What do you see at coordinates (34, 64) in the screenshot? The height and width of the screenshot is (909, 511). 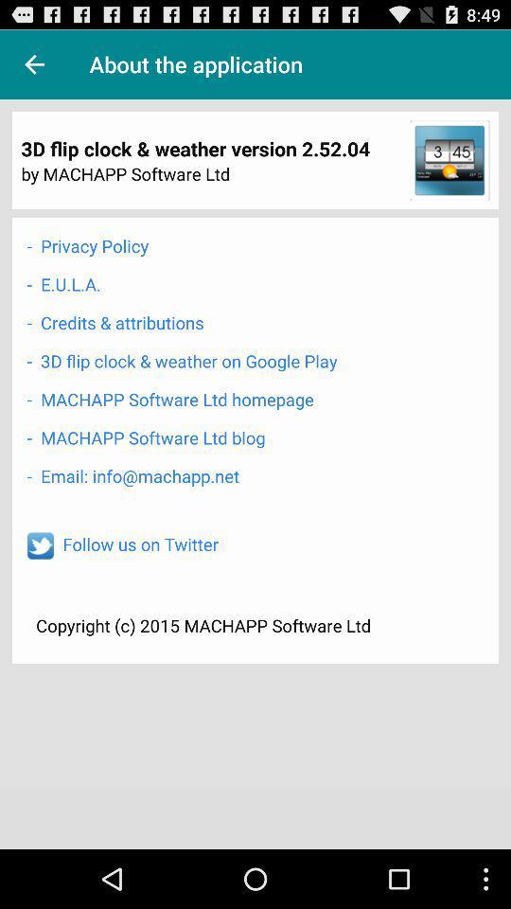 I see `item above 3d flip clock icon` at bounding box center [34, 64].